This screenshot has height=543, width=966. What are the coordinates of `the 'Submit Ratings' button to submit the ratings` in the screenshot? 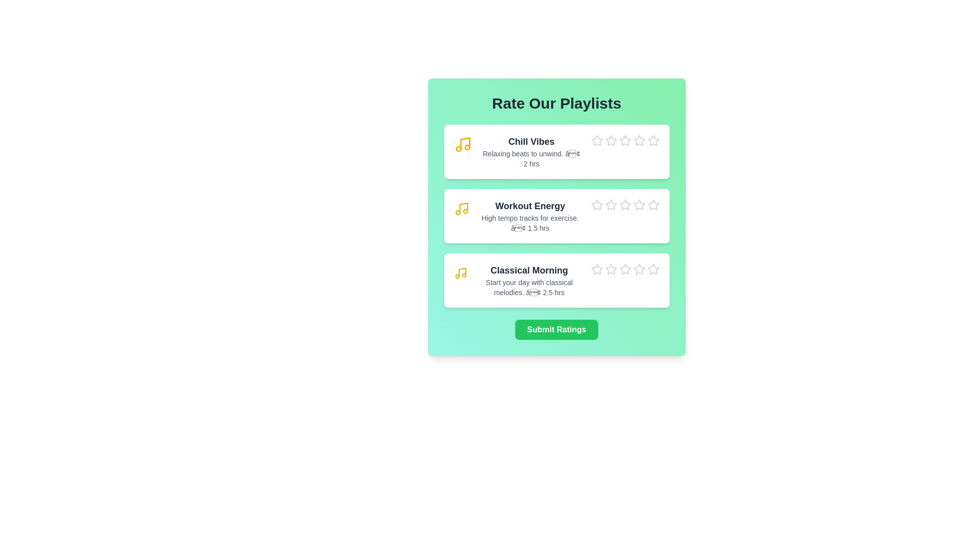 It's located at (556, 329).